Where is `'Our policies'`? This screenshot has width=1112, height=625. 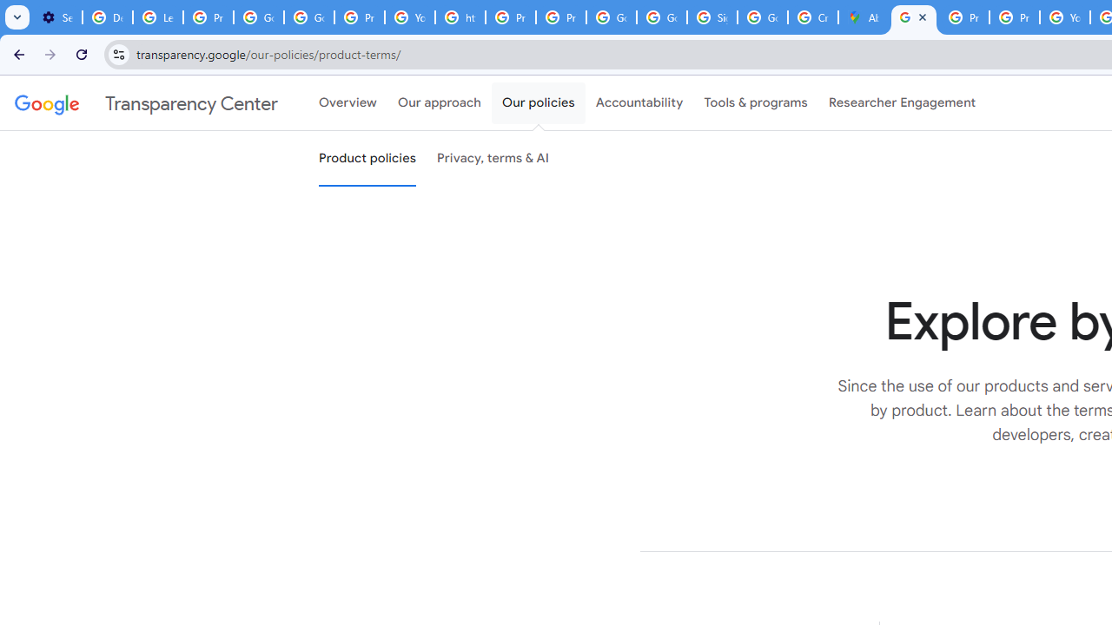 'Our policies' is located at coordinates (538, 103).